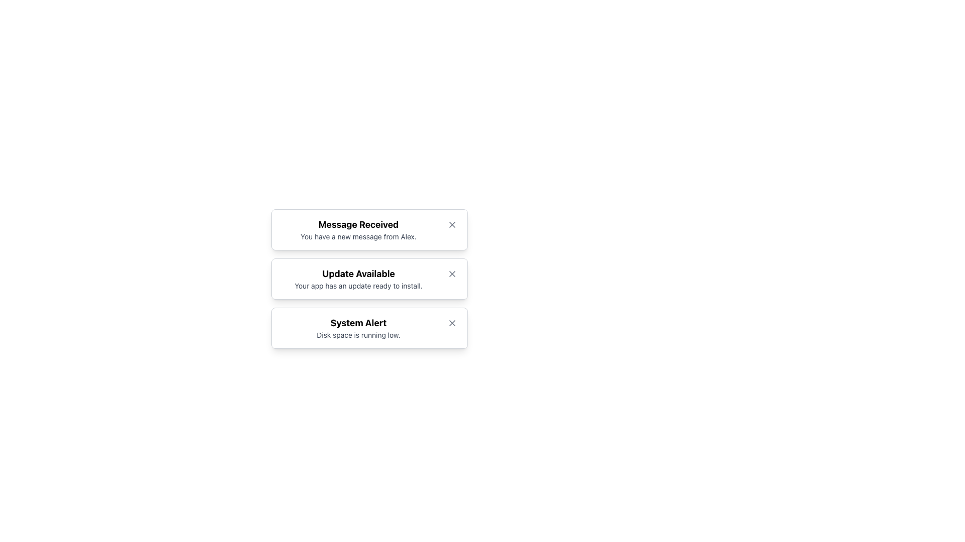 The image size is (965, 542). What do you see at coordinates (358, 224) in the screenshot?
I see `text of the 'Message Received' label, which is prominently displayed in bold and large font at the top of the first notification card` at bounding box center [358, 224].